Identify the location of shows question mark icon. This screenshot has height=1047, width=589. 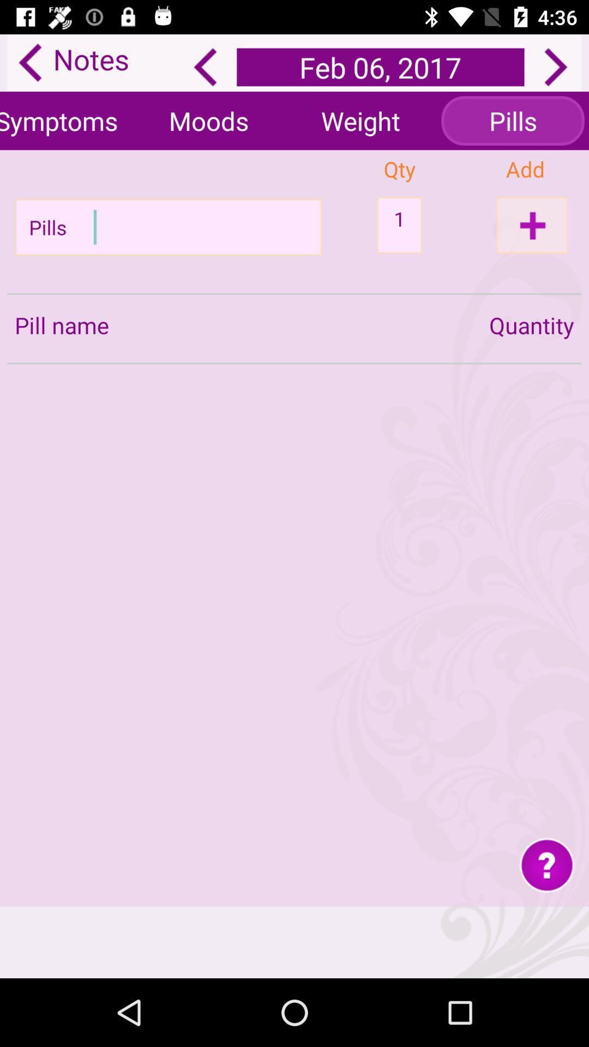
(547, 864).